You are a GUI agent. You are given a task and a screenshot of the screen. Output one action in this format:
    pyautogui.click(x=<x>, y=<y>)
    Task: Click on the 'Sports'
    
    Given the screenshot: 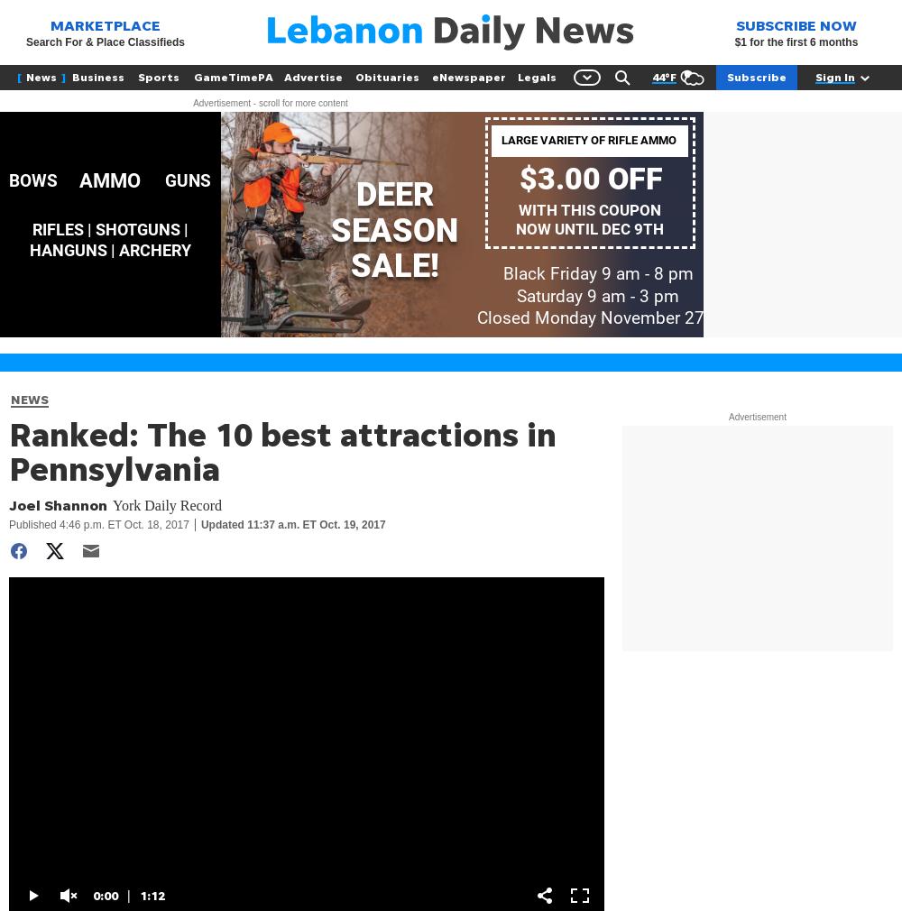 What is the action you would take?
    pyautogui.click(x=158, y=76)
    